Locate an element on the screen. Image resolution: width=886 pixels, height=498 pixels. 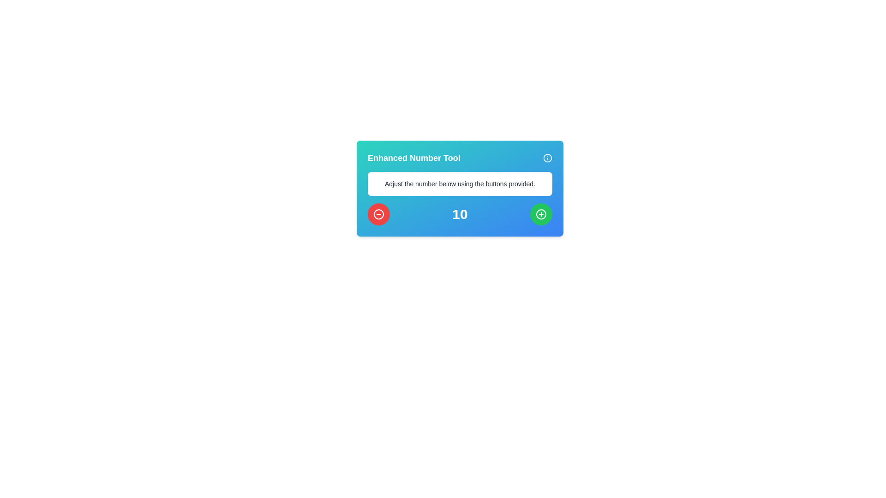
the interactive button located in the bottom-right section of the card UI with a green background is located at coordinates (541, 214).